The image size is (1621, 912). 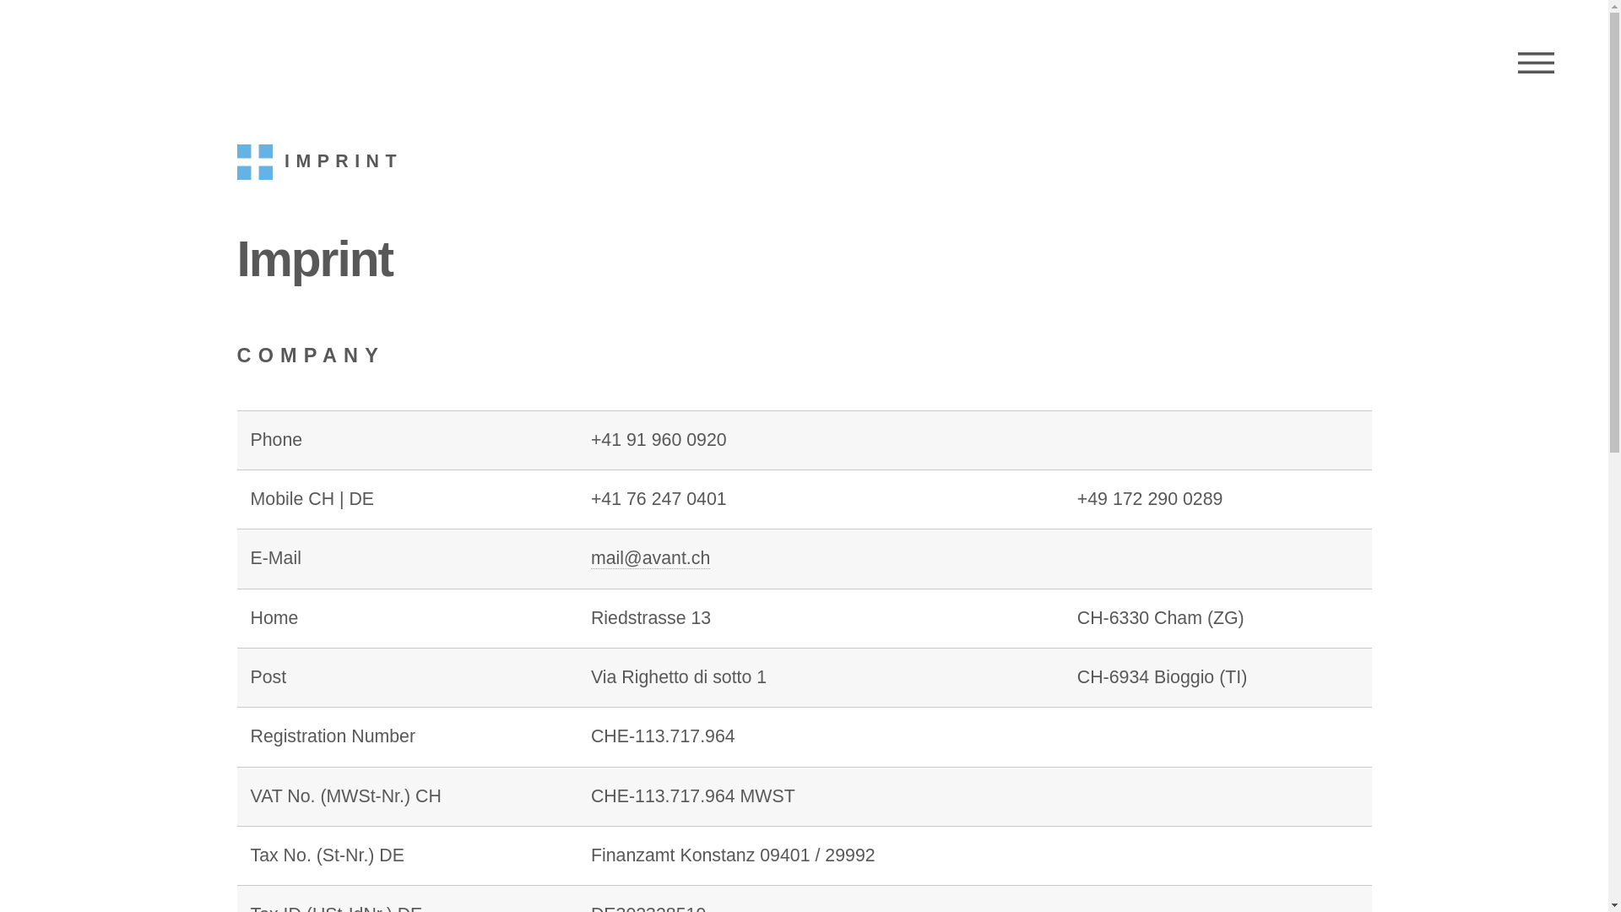 I want to click on 'IMPRINT', so click(x=235, y=162).